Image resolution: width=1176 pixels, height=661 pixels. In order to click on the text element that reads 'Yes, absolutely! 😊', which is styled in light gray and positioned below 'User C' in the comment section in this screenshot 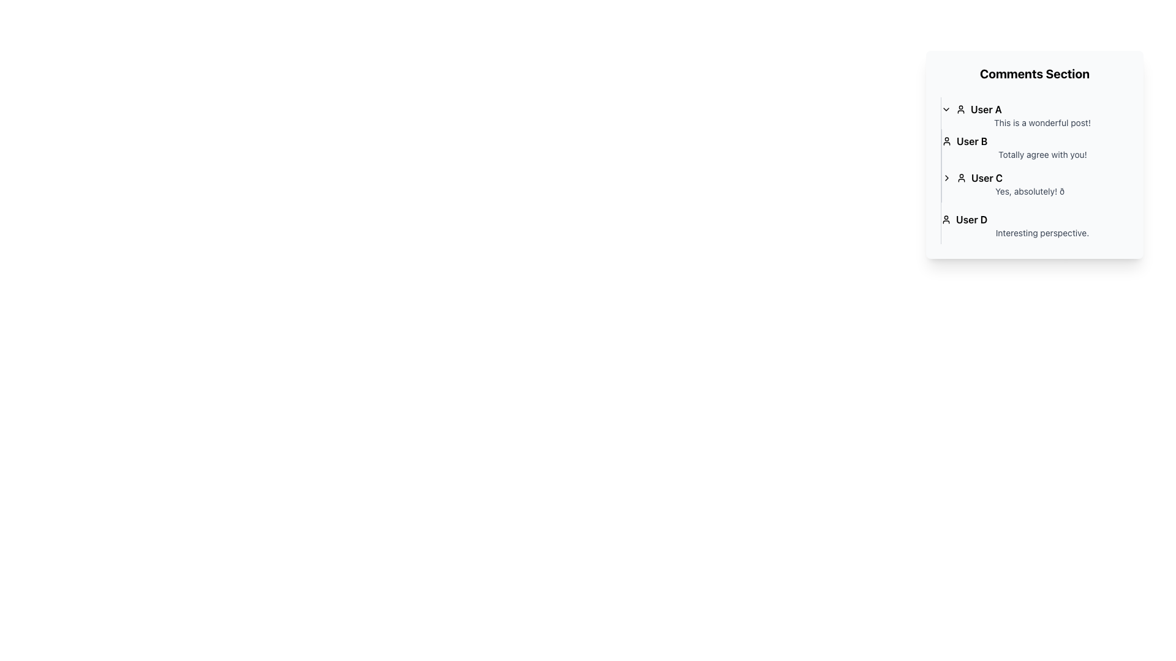, I will do `click(1035, 191)`.